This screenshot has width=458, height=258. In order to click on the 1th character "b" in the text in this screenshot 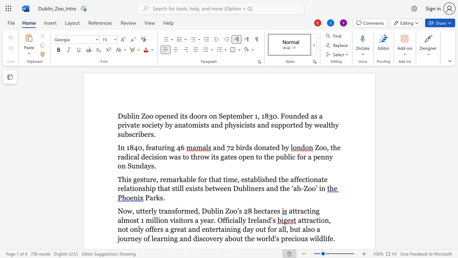, I will do `click(213, 211)`.